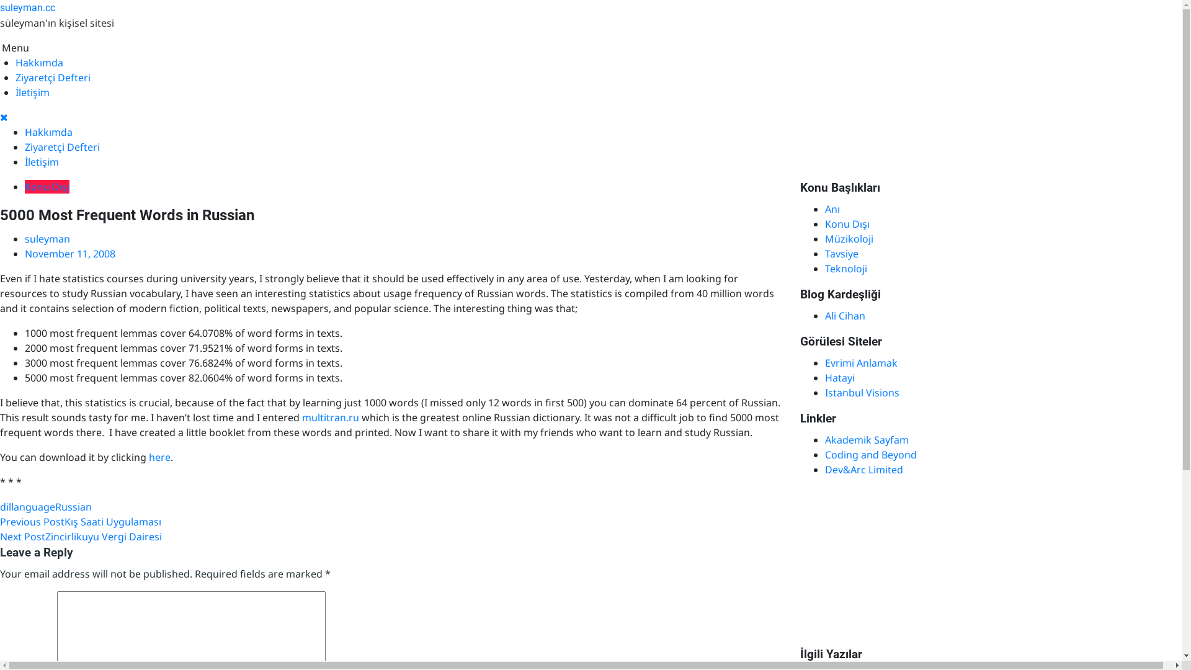  What do you see at coordinates (862, 392) in the screenshot?
I see `'Istanbul Visions'` at bounding box center [862, 392].